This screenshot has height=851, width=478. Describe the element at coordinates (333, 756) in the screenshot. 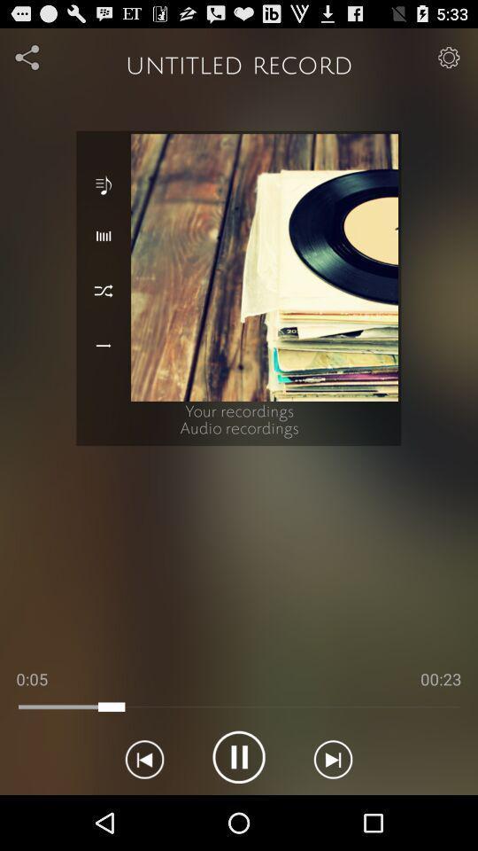

I see `next` at that location.